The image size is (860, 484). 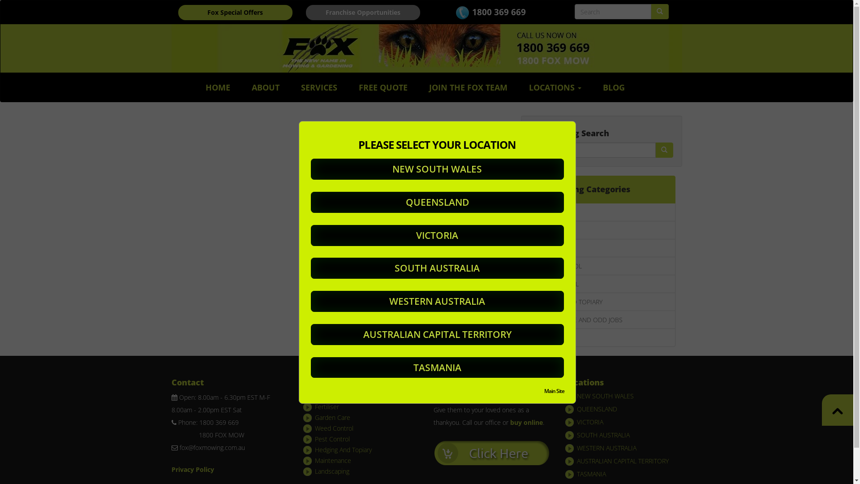 What do you see at coordinates (602, 319) in the screenshot?
I see `'MAINTENANCE AND ODD JOBS'` at bounding box center [602, 319].